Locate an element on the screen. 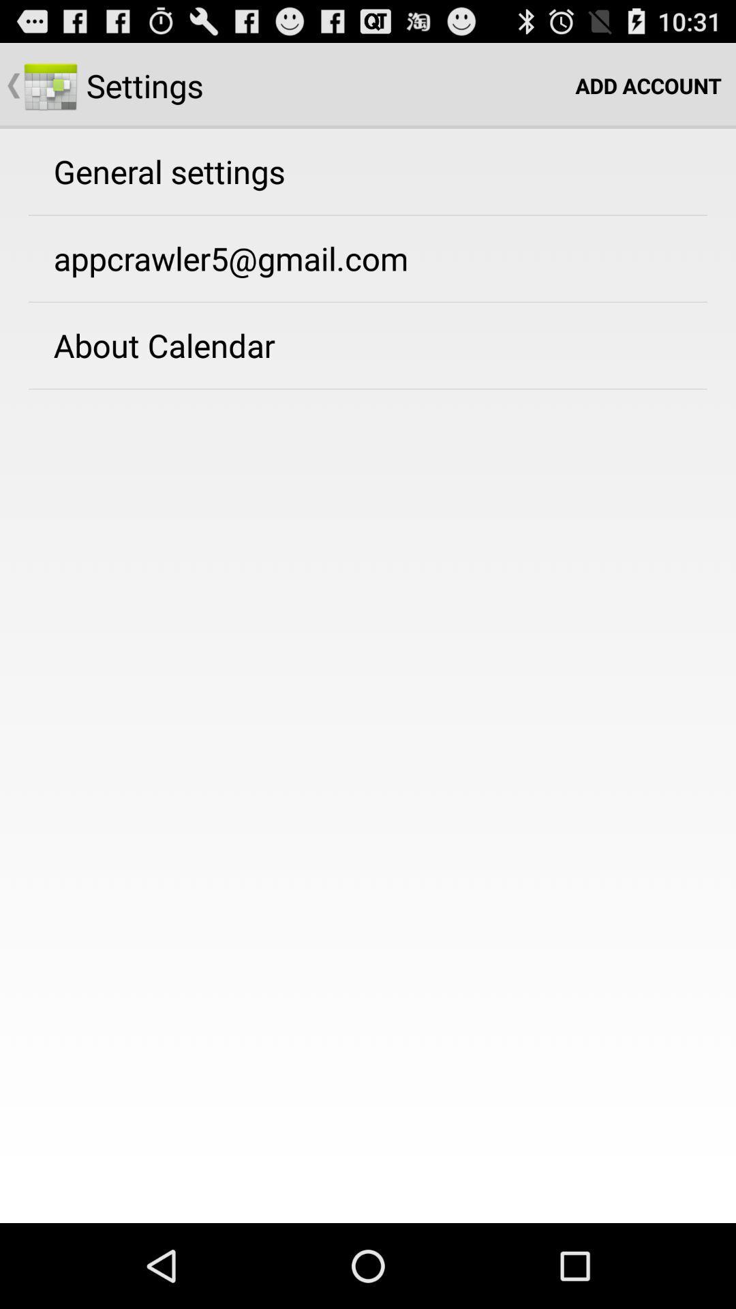 The image size is (736, 1309). the icon below appcrawler5@gmail.com icon is located at coordinates (164, 345).